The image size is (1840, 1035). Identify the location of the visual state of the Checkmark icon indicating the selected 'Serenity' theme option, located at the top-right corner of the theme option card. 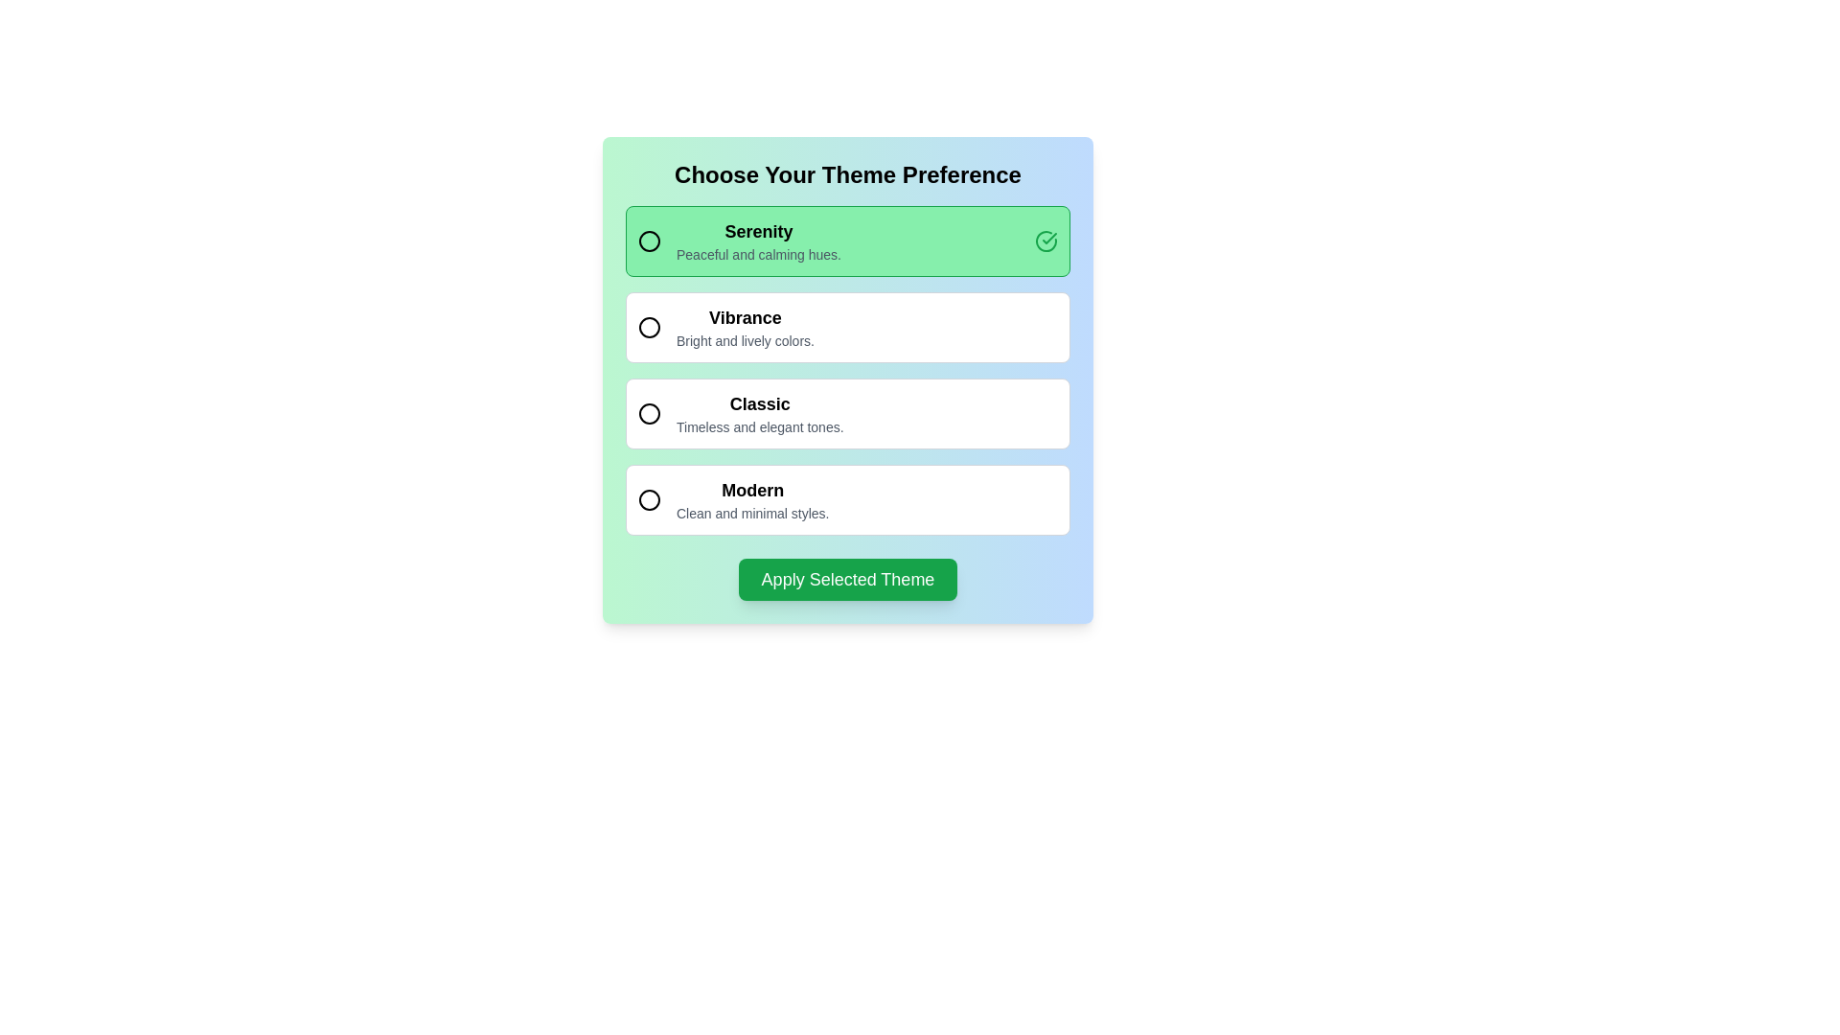
(1045, 240).